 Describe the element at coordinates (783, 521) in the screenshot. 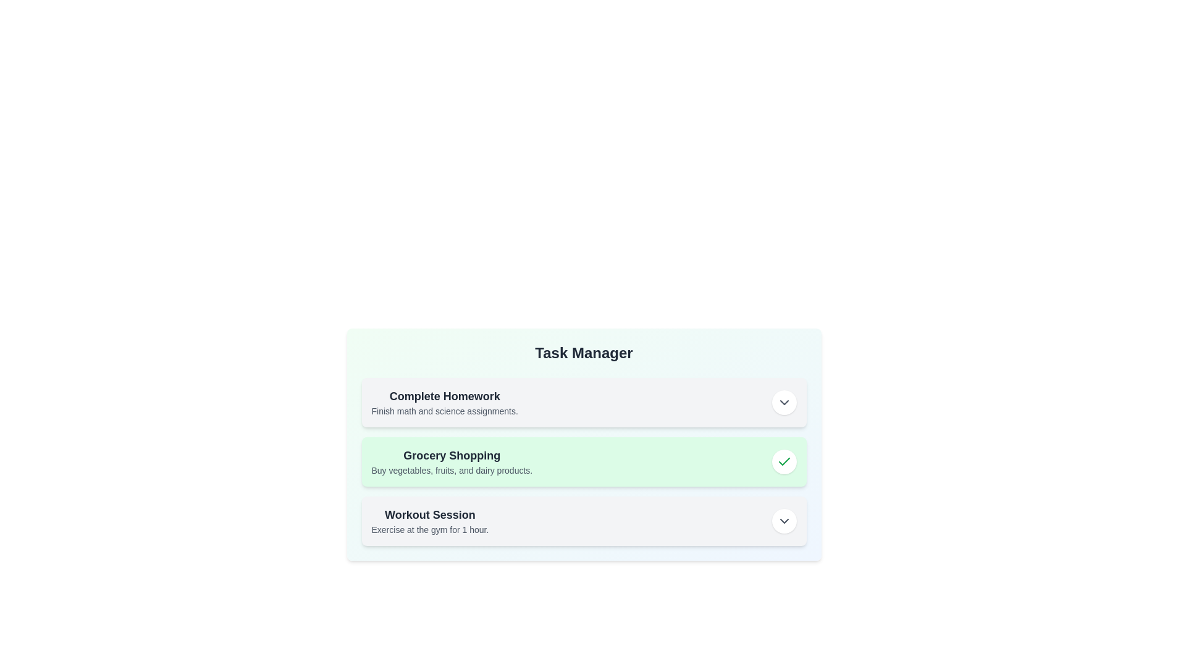

I see `the toggle button for the task 'Workout Session'` at that location.